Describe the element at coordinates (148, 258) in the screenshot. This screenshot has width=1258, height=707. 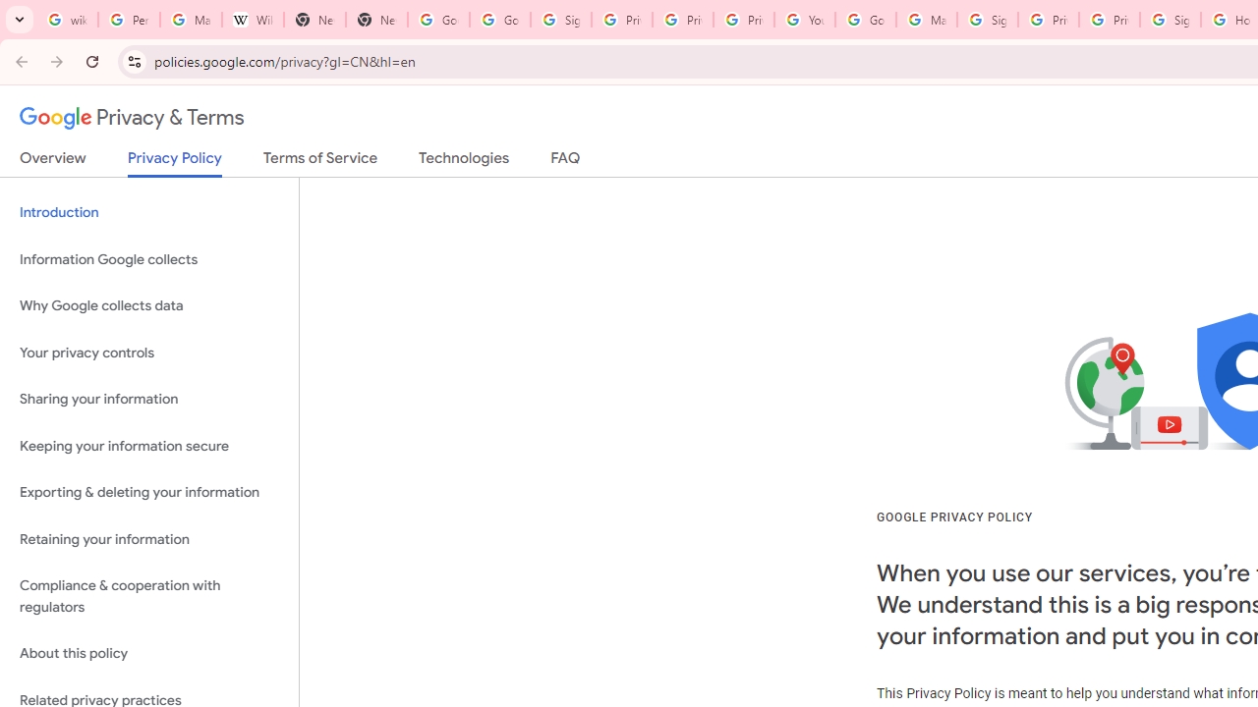
I see `'Information Google collects'` at that location.